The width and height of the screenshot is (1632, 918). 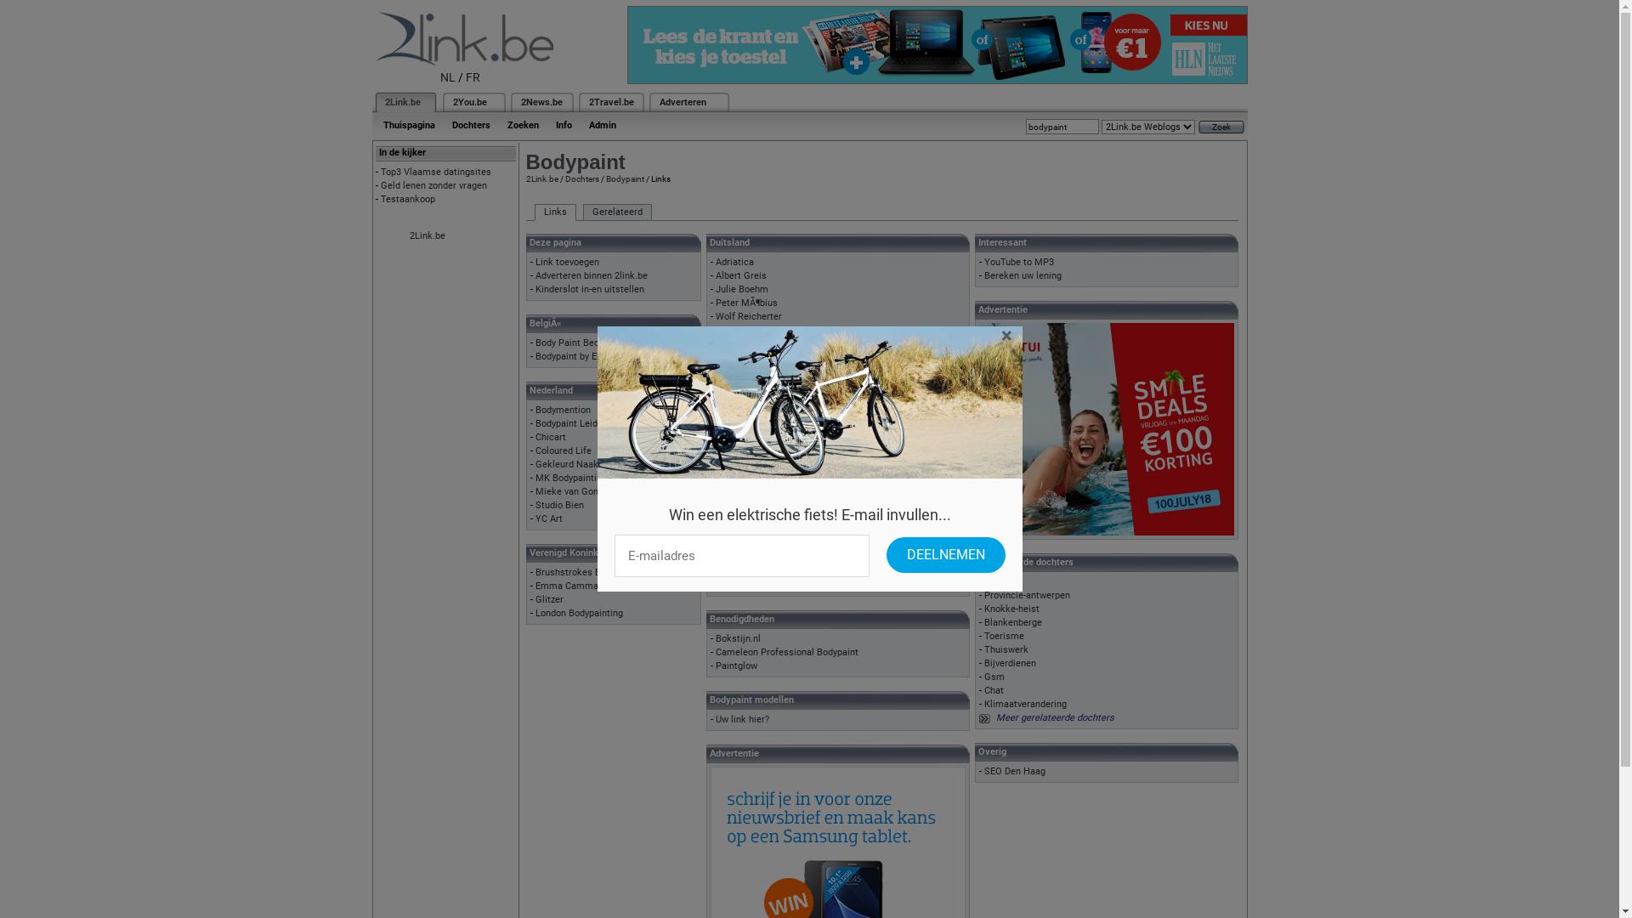 What do you see at coordinates (742, 288) in the screenshot?
I see `'Julie Boehm'` at bounding box center [742, 288].